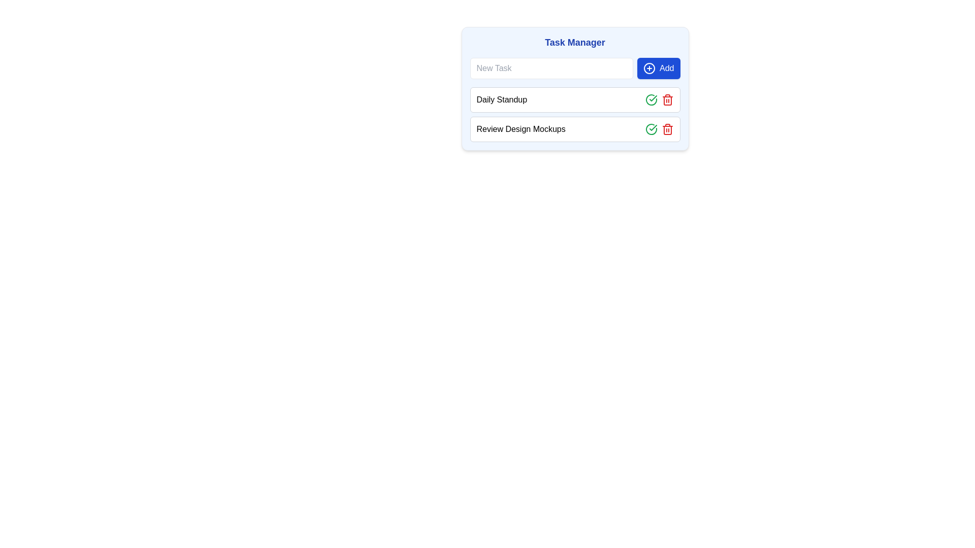  I want to click on task title 'Review Design Mockups' from the second task item in the task manager interface located below 'Daily Standup', so click(575, 128).